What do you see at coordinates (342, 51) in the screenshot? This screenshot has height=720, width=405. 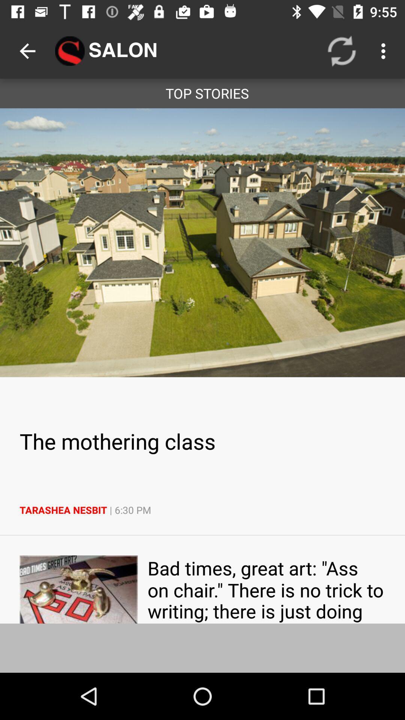 I see `icon next to salon icon` at bounding box center [342, 51].